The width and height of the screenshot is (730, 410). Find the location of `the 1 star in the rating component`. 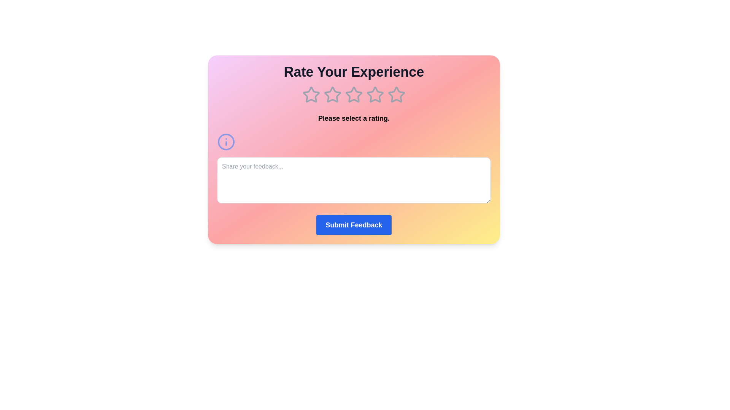

the 1 star in the rating component is located at coordinates (311, 95).